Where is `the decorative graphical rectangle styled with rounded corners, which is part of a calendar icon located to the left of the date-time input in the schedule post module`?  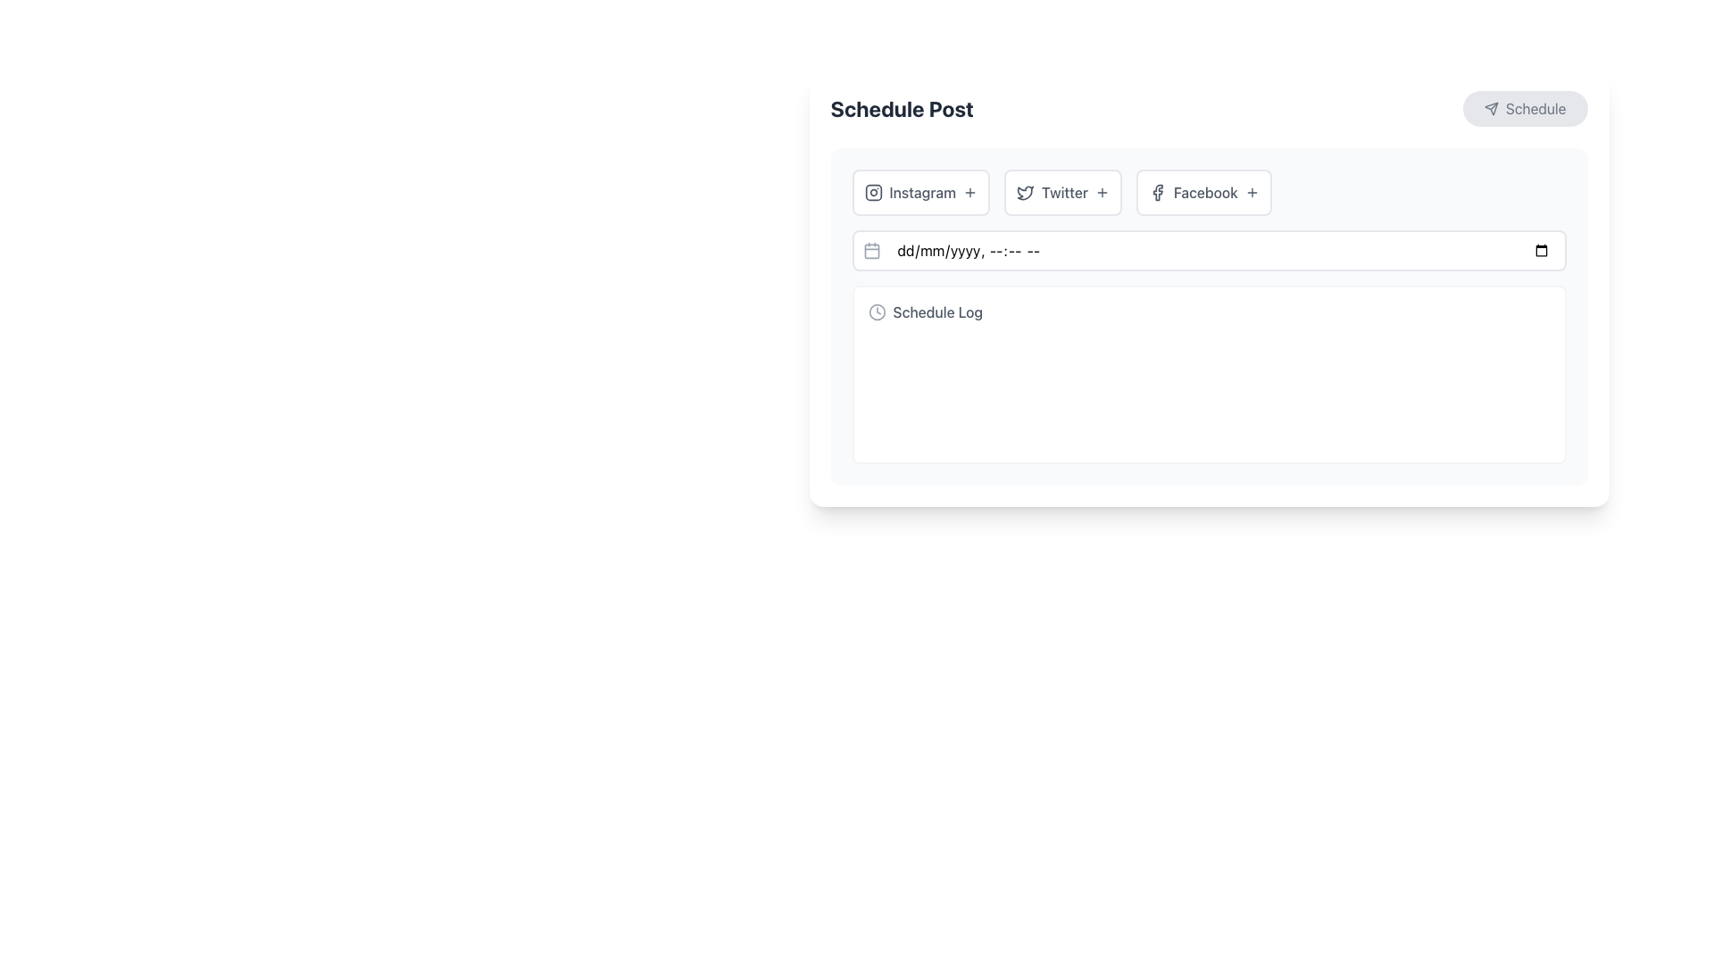 the decorative graphical rectangle styled with rounded corners, which is part of a calendar icon located to the left of the date-time input in the schedule post module is located at coordinates (871, 251).